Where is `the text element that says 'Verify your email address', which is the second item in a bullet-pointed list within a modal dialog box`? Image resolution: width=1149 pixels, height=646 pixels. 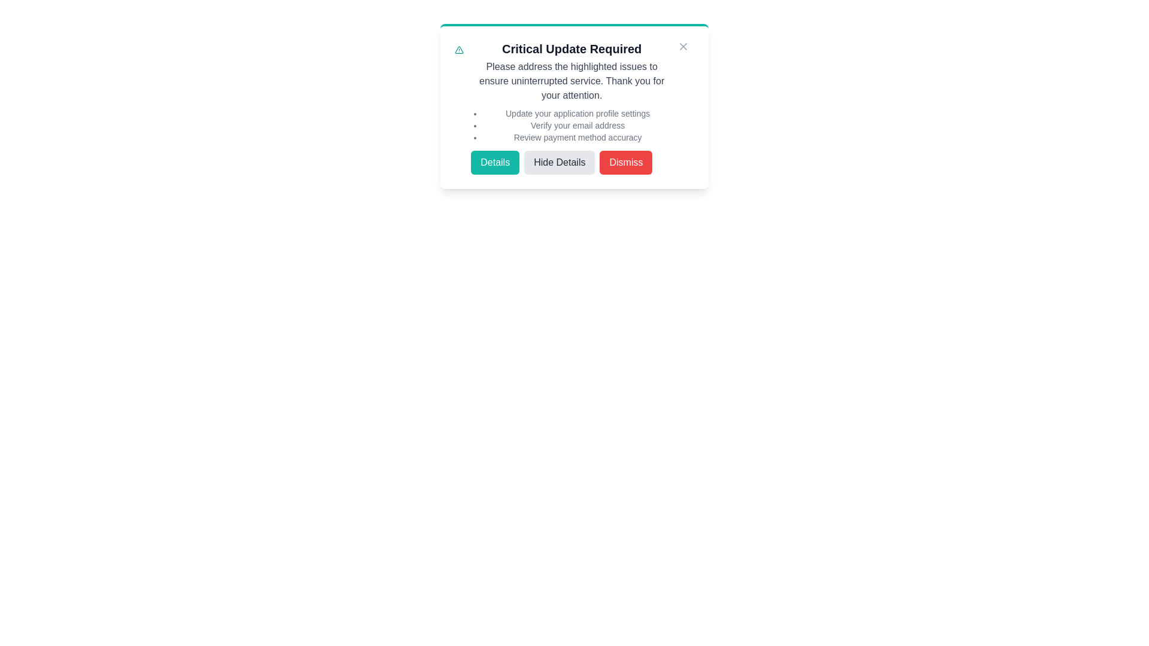 the text element that says 'Verify your email address', which is the second item in a bullet-pointed list within a modal dialog box is located at coordinates (577, 125).